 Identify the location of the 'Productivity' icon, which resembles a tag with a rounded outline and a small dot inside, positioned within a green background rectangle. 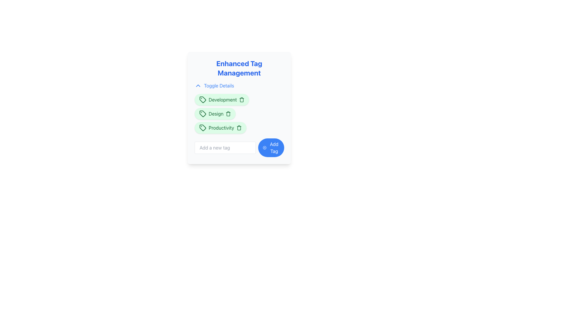
(203, 127).